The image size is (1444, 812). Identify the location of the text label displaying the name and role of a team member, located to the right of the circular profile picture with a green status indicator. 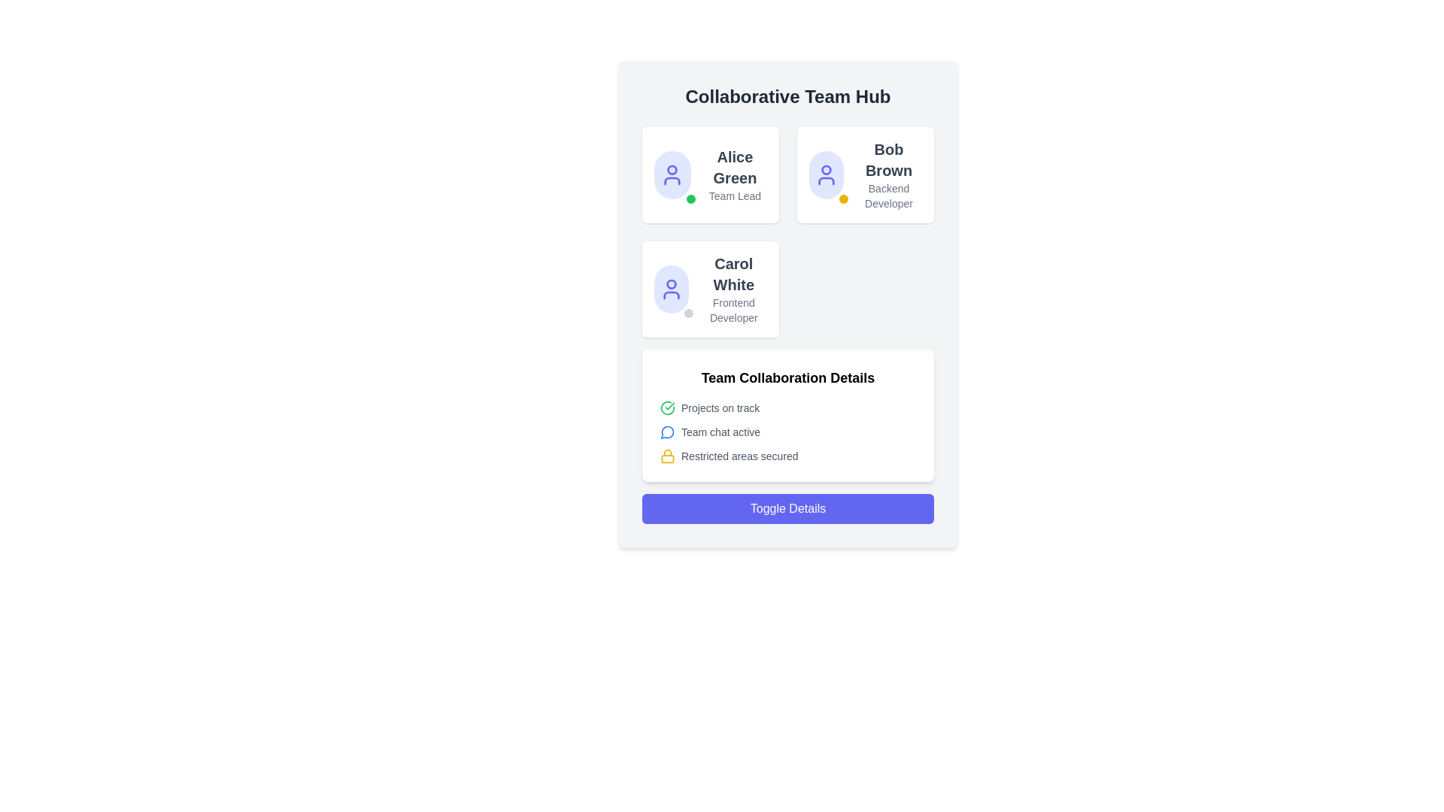
(735, 174).